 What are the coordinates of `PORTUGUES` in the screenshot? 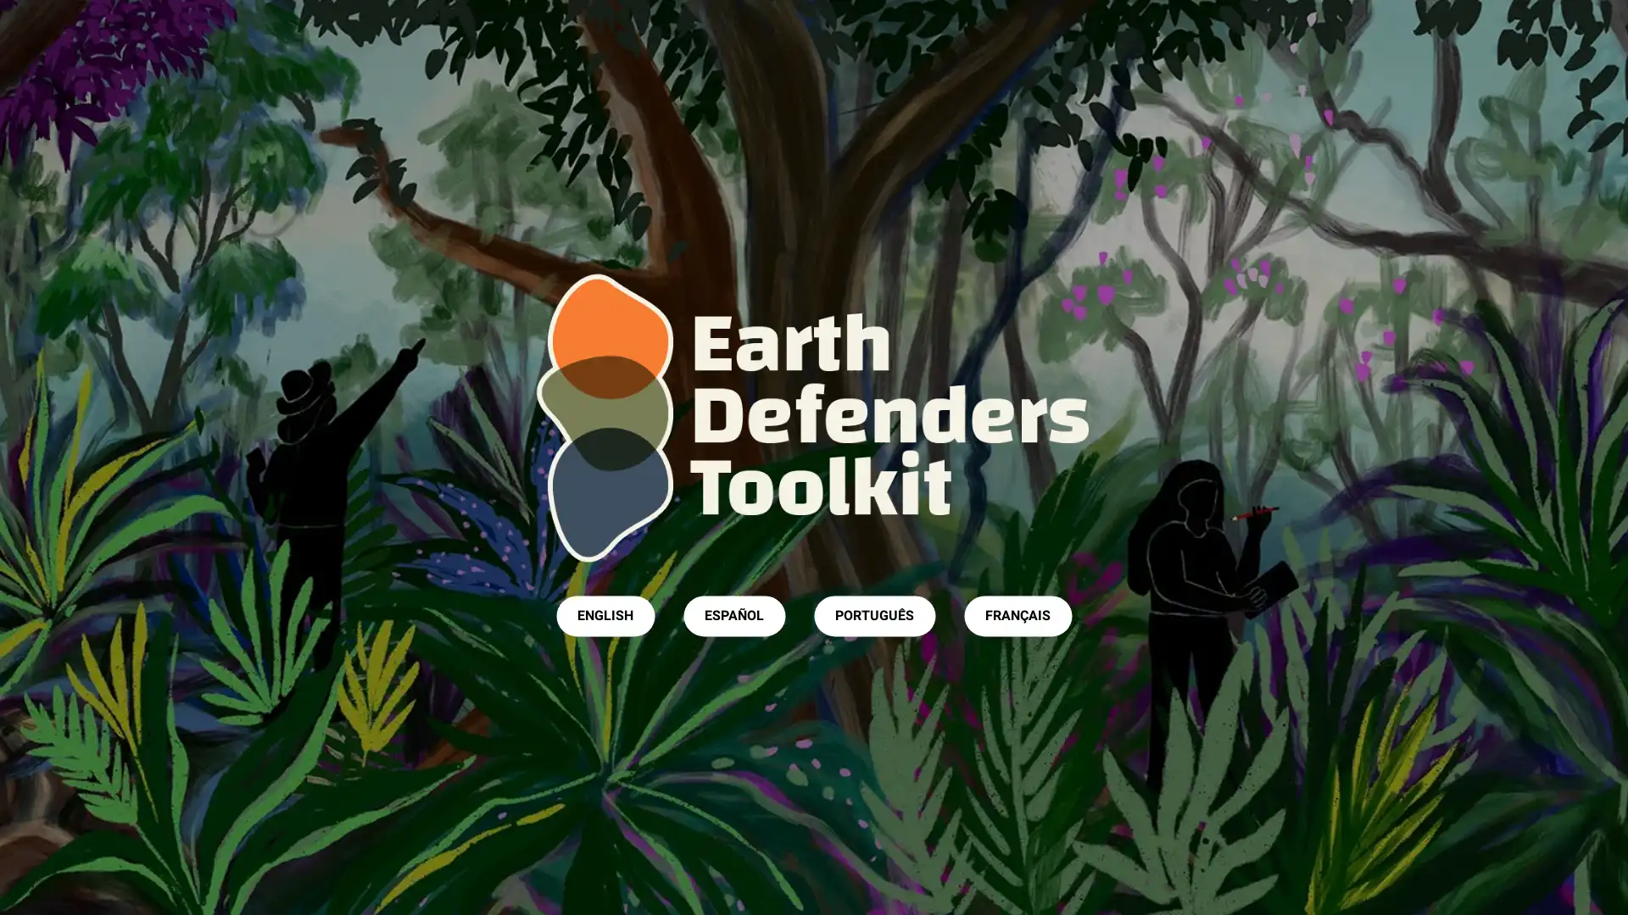 It's located at (874, 615).